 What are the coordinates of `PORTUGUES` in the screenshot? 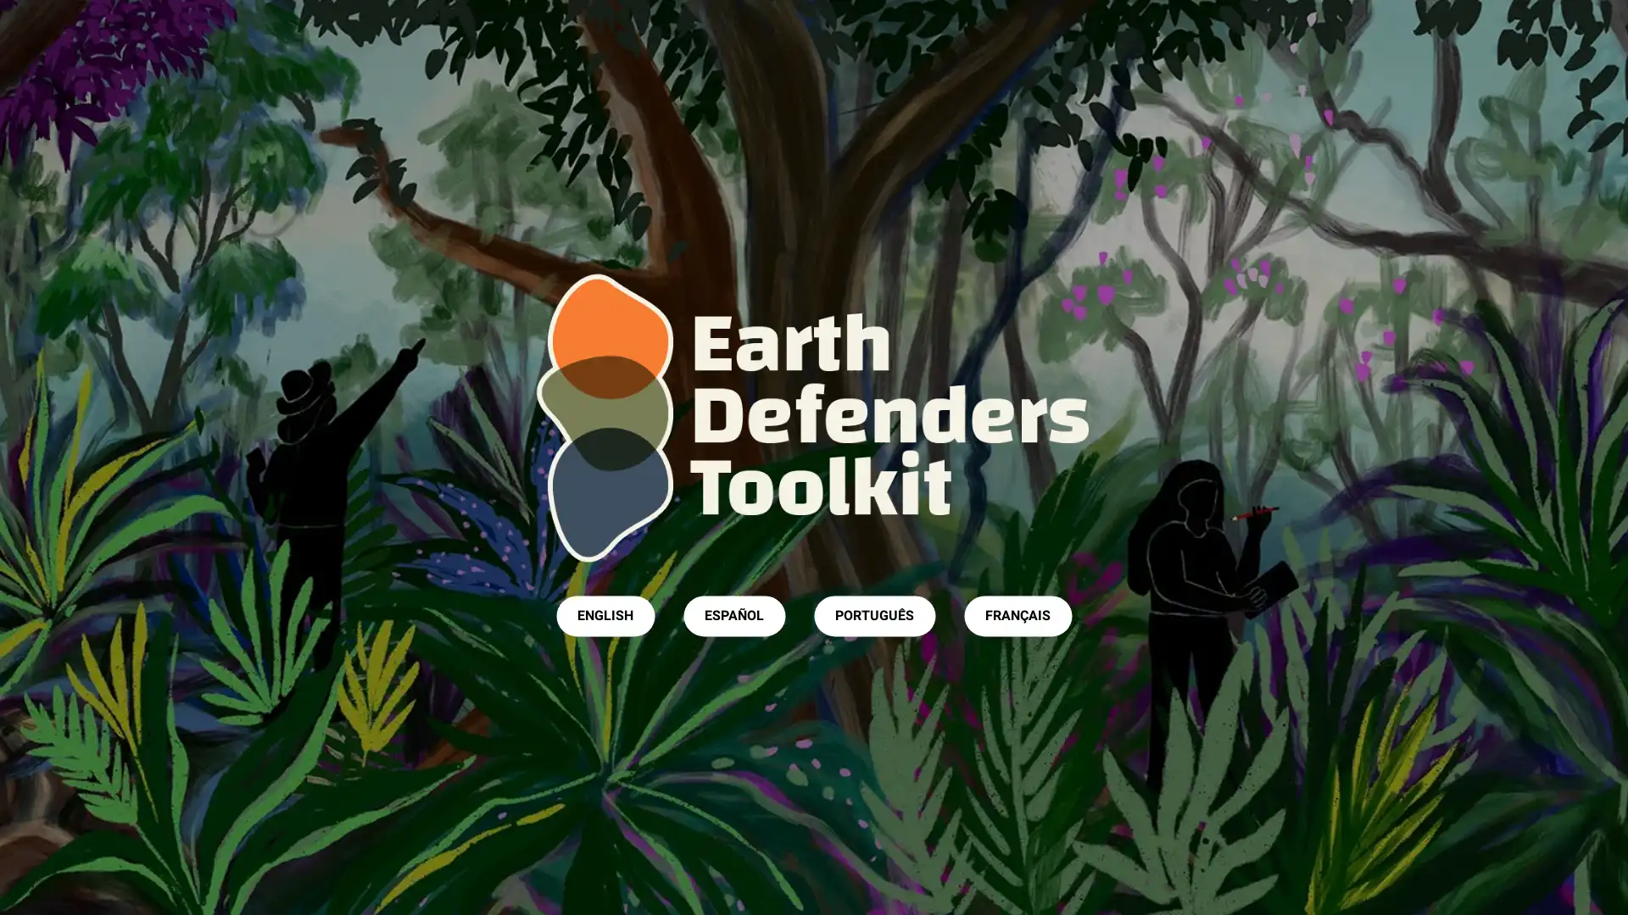 It's located at (874, 615).